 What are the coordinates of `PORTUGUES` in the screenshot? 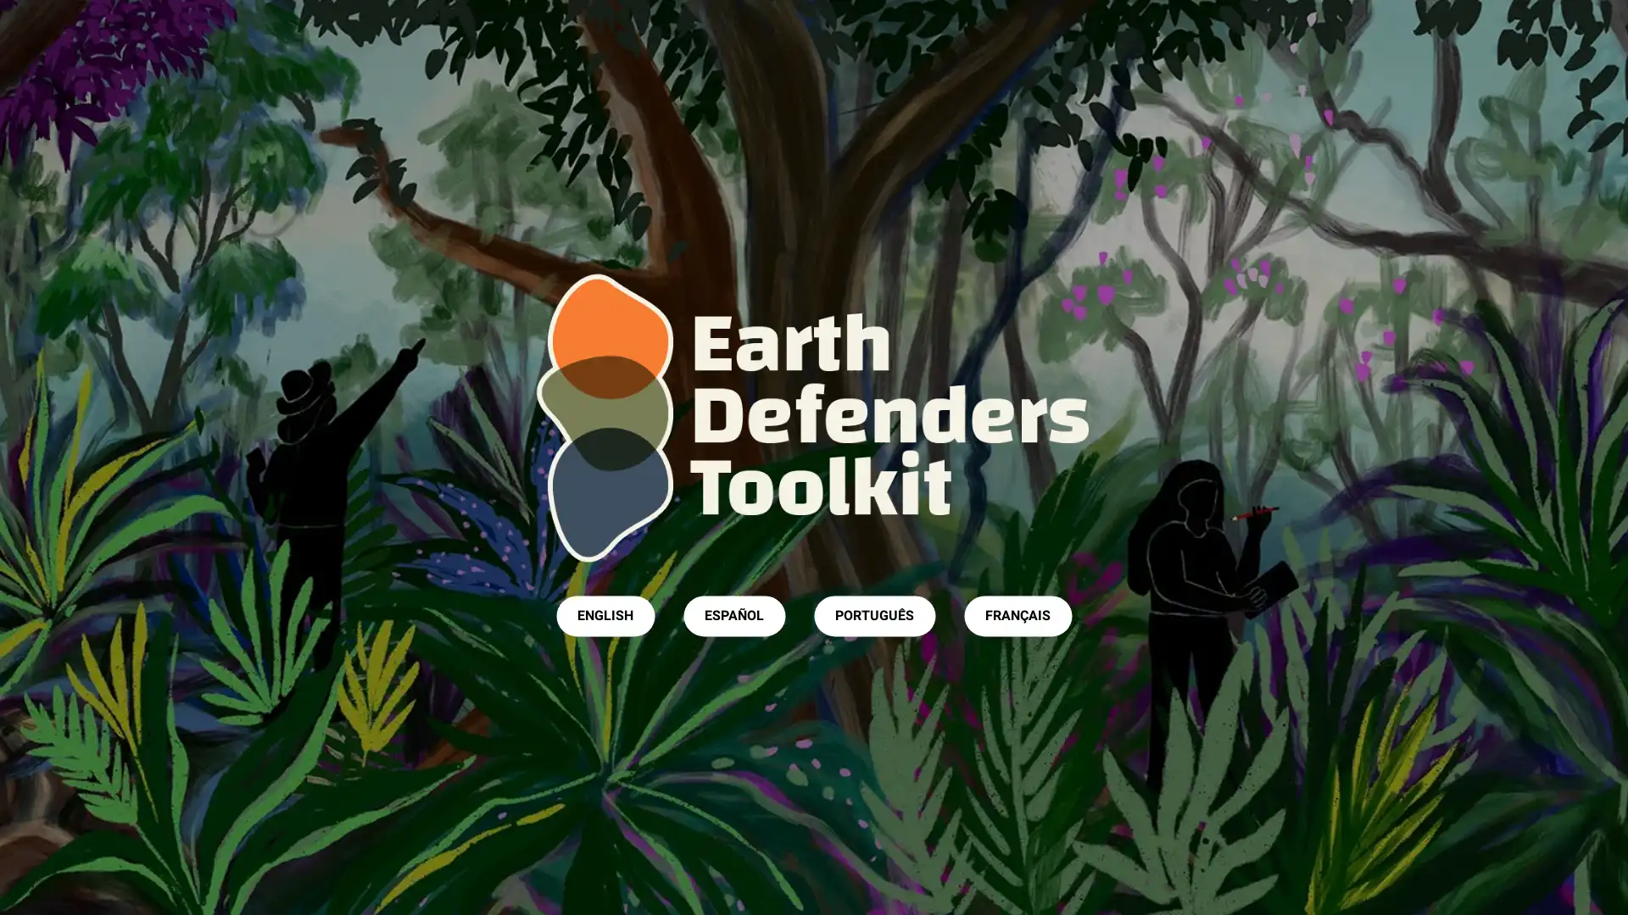 It's located at (874, 615).